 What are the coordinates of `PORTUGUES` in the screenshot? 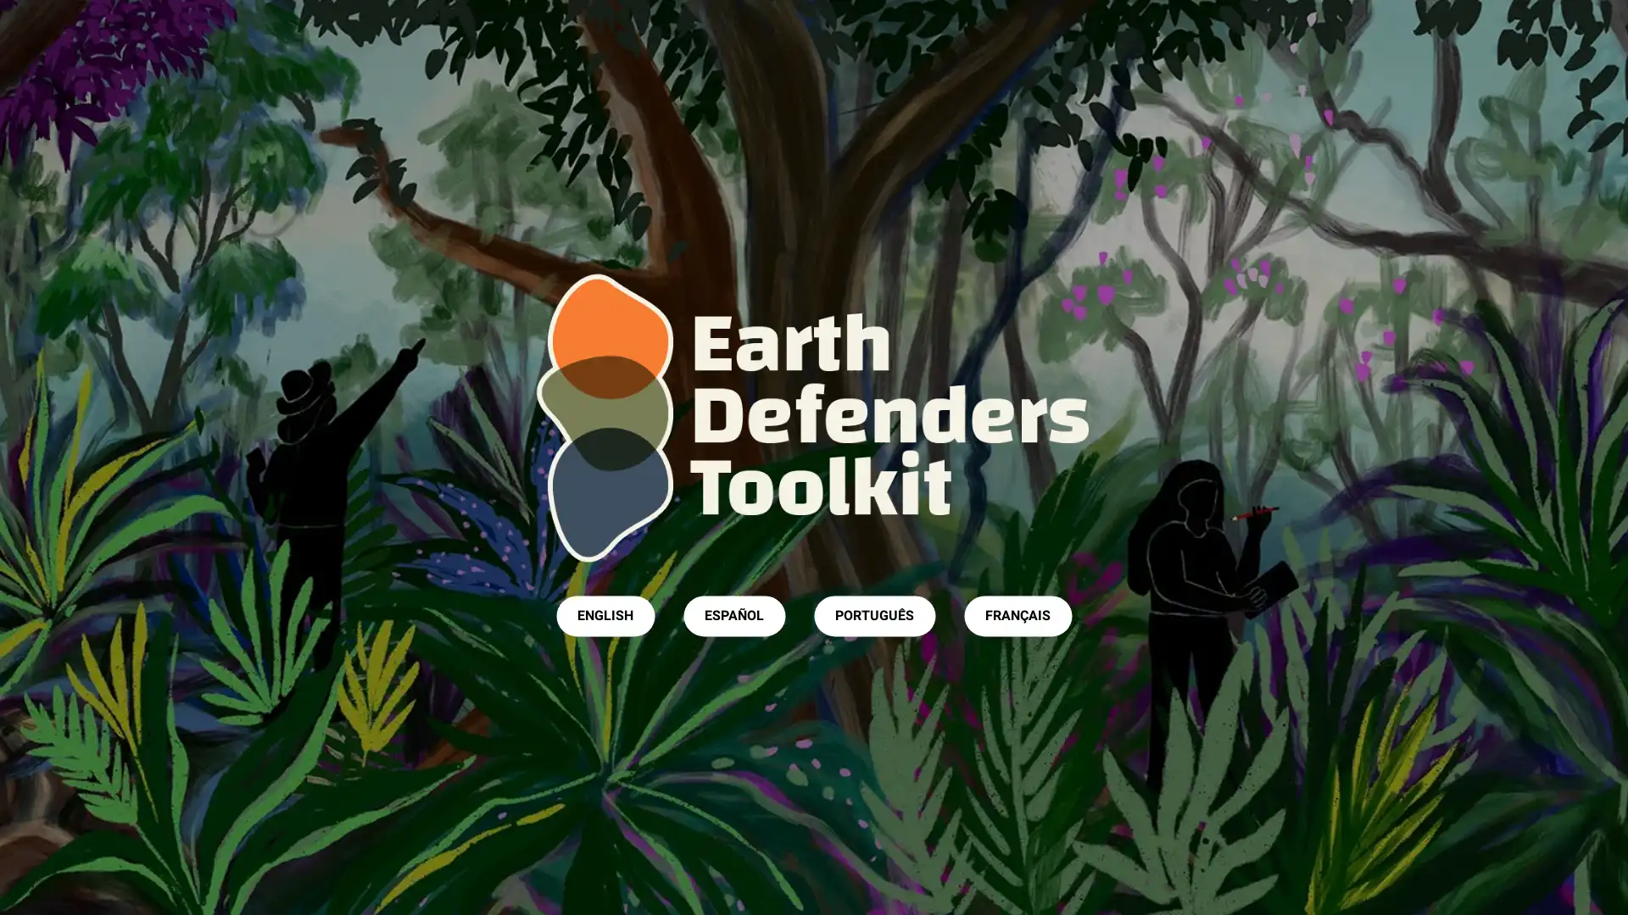 It's located at (874, 615).